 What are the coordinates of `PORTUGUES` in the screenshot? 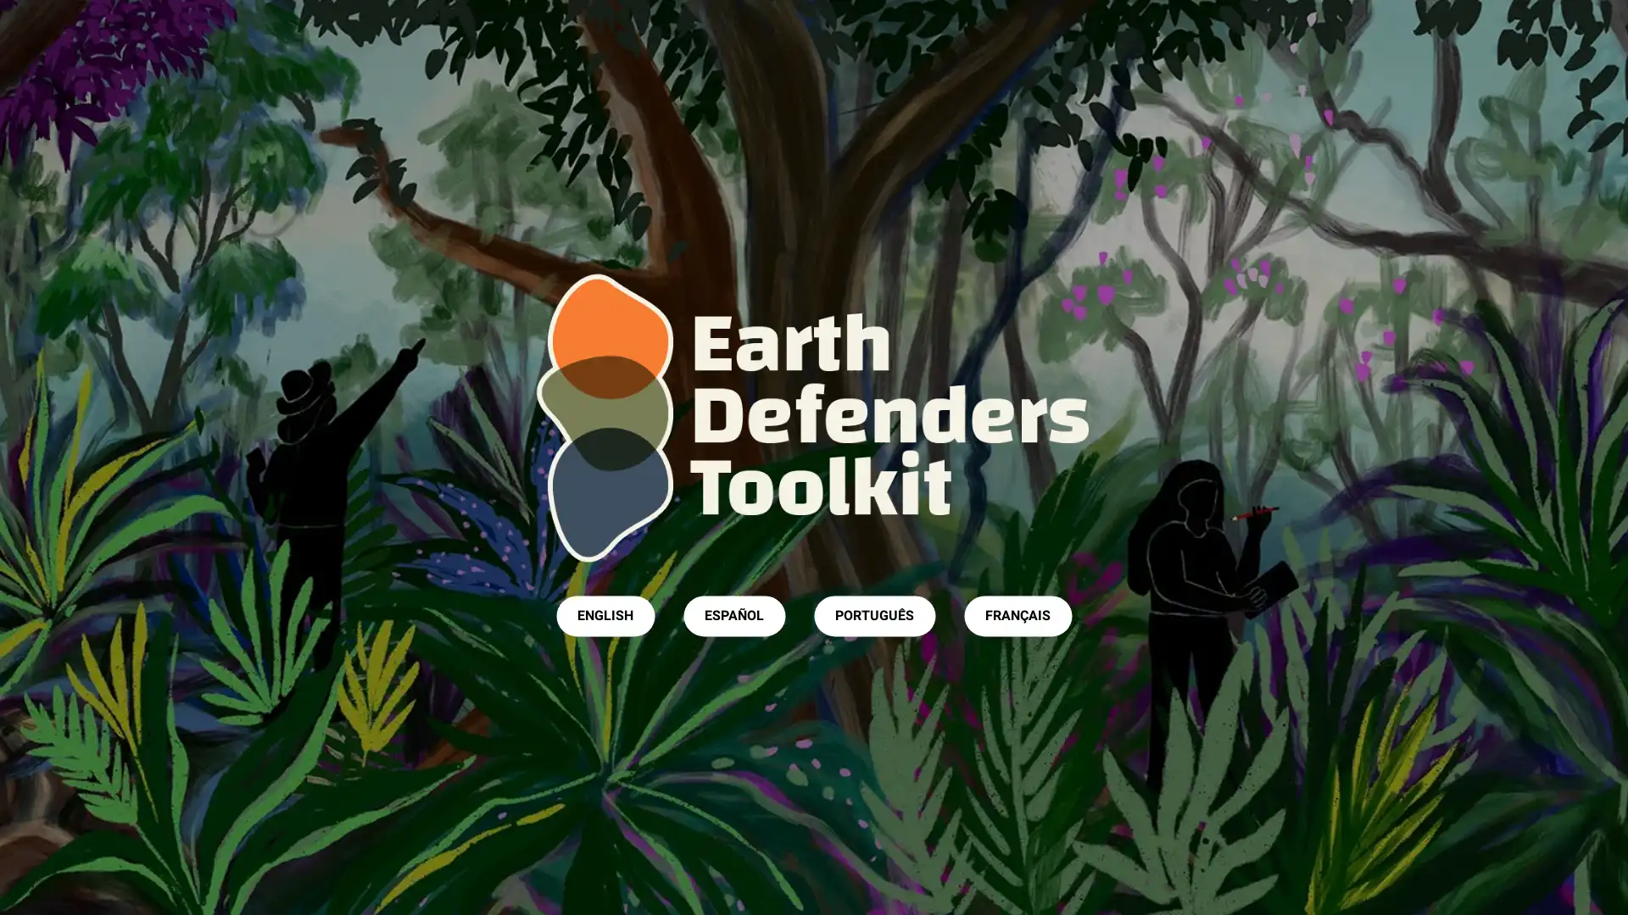 It's located at (874, 615).